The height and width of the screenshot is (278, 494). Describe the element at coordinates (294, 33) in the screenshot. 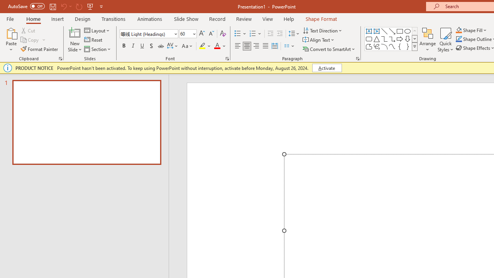

I see `'Line Spacing'` at that location.